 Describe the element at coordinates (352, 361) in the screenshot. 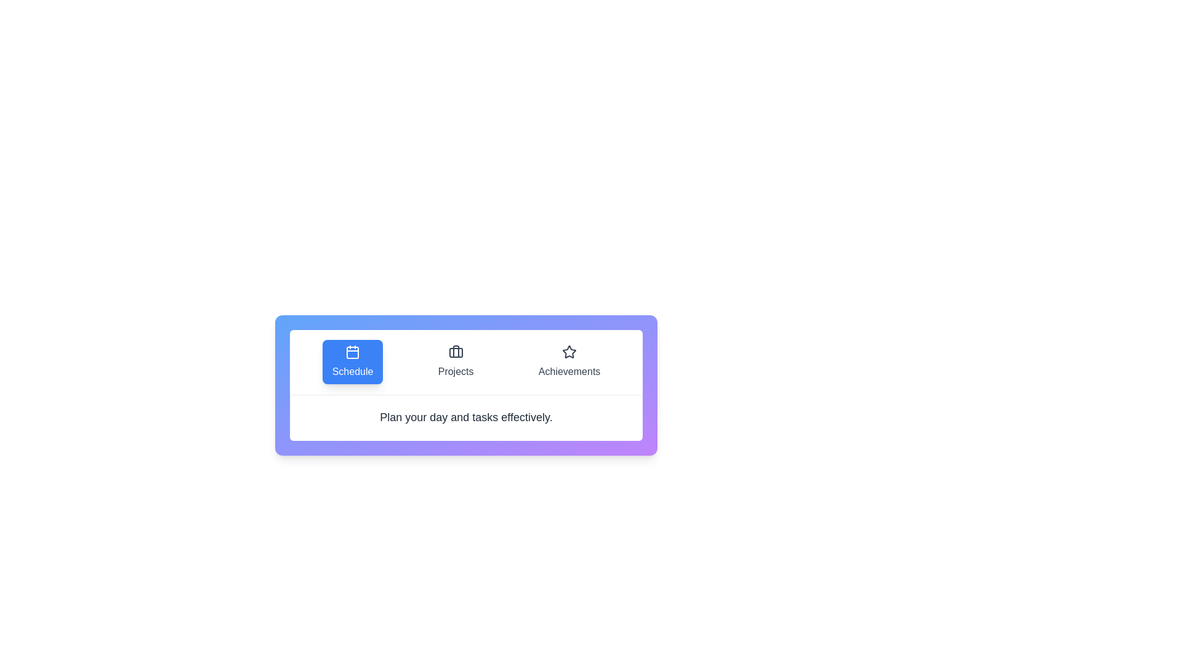

I see `the tab labeled Schedule` at that location.